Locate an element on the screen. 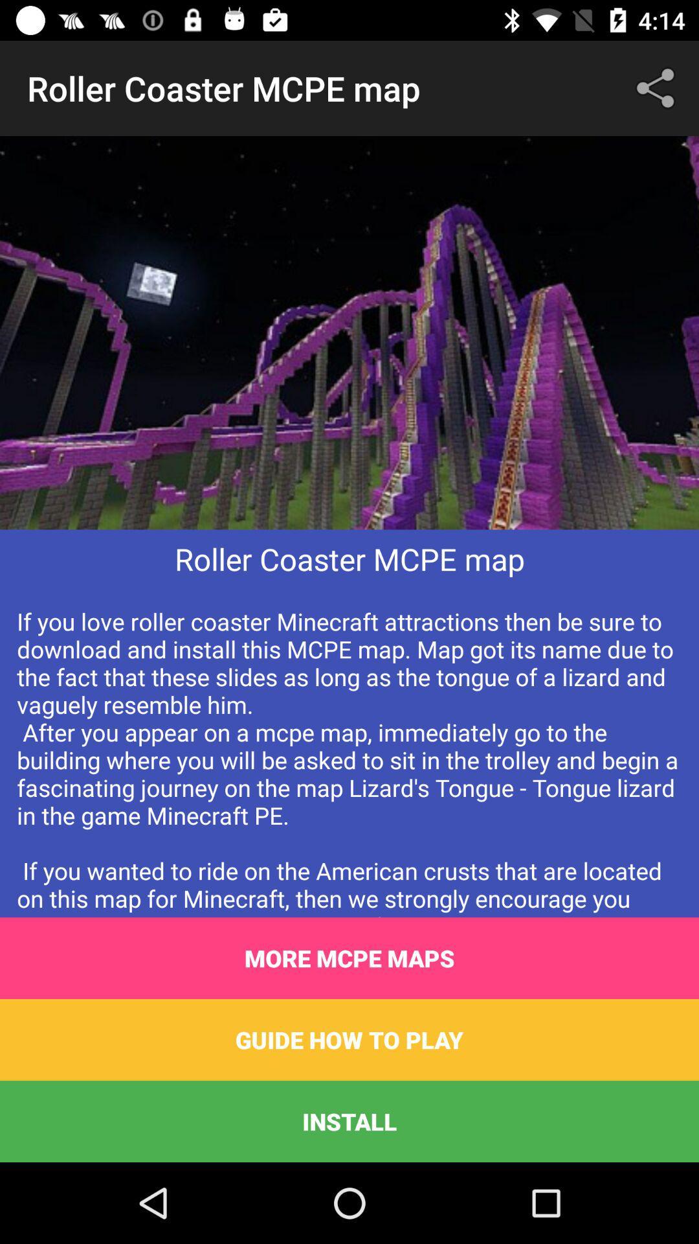  the guide how to is located at coordinates (349, 1039).